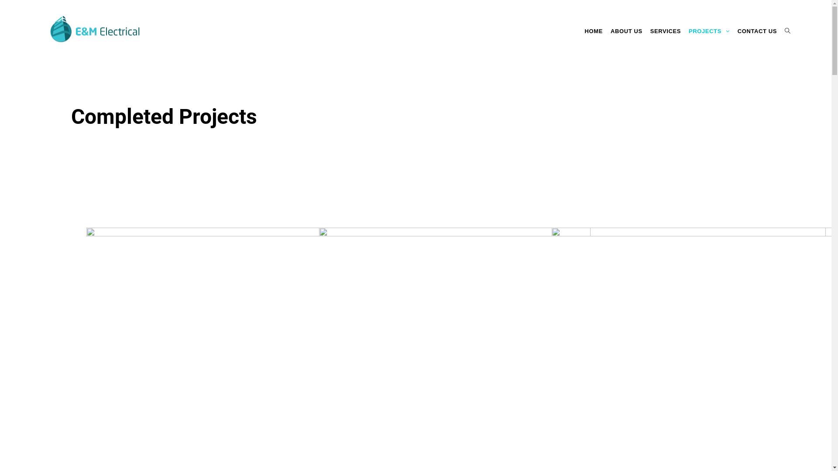  I want to click on 'SERVICES', so click(665, 31).